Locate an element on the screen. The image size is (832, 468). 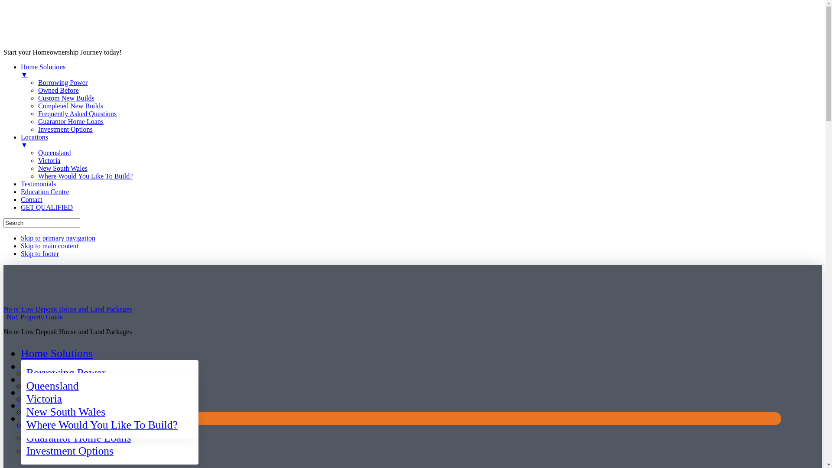
'Borrowing Power' is located at coordinates (65, 372).